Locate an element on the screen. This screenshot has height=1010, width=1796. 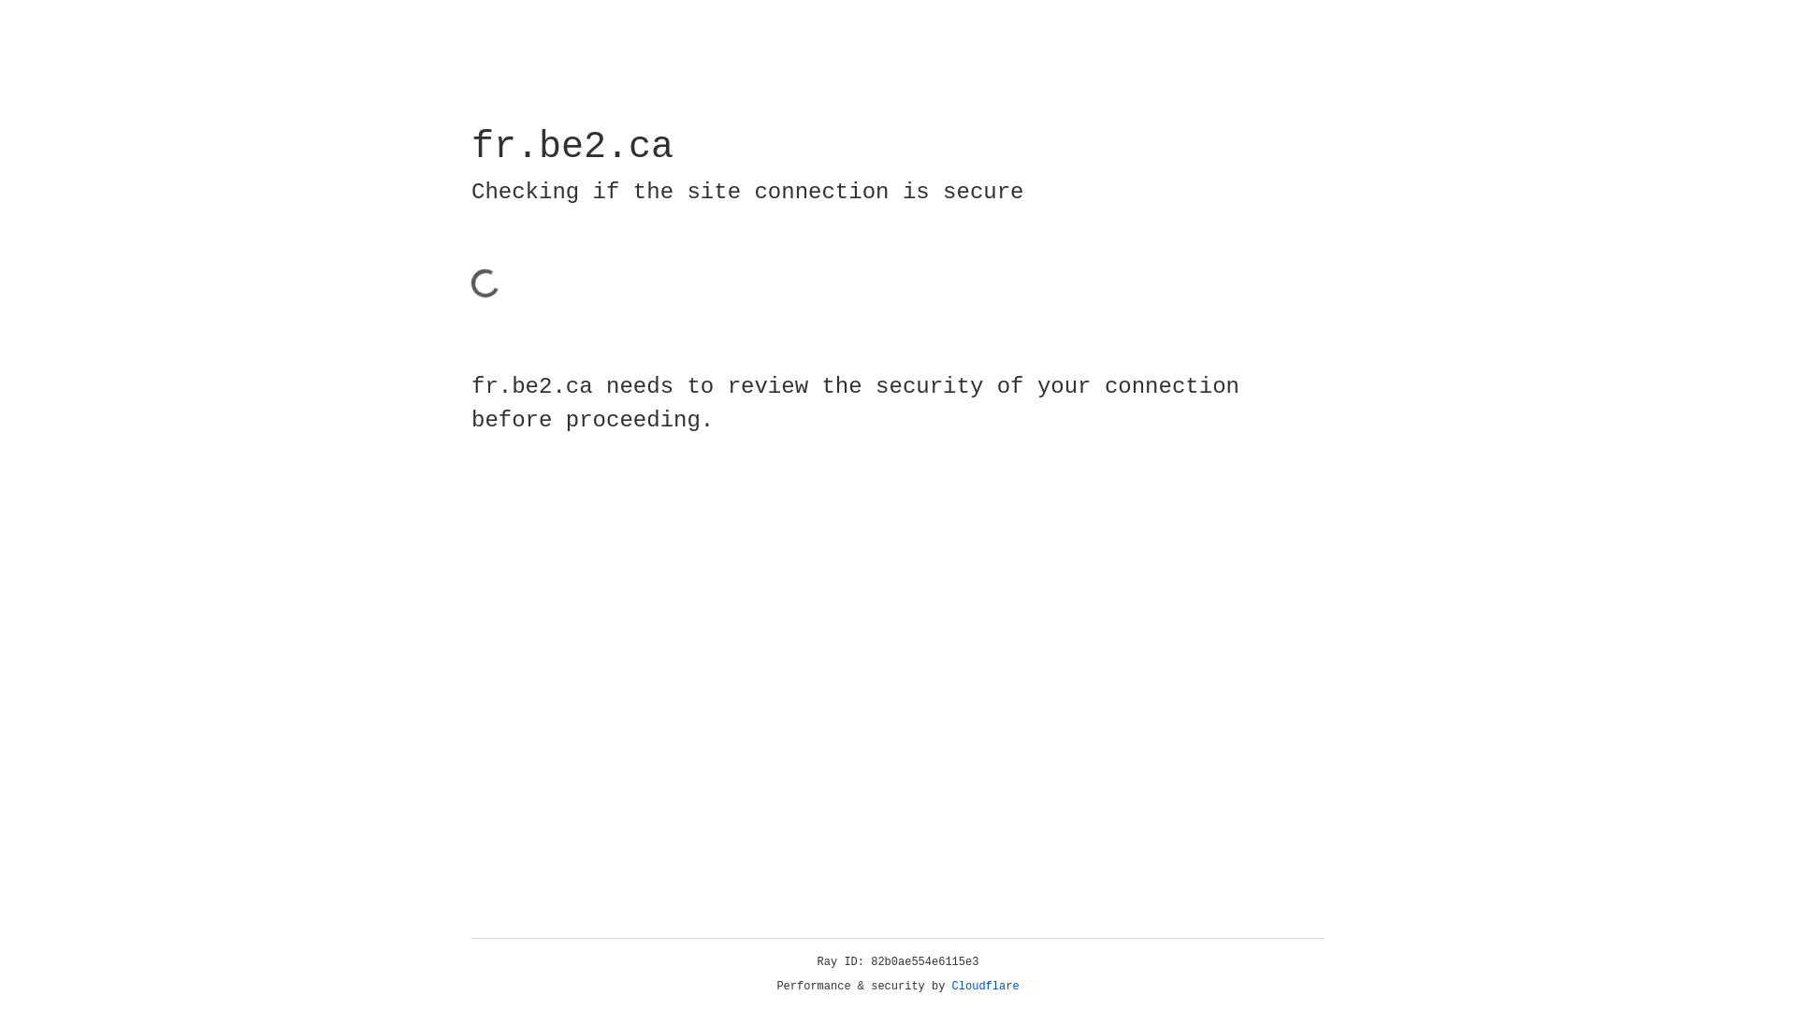
'Cloudflare' is located at coordinates (985, 986).